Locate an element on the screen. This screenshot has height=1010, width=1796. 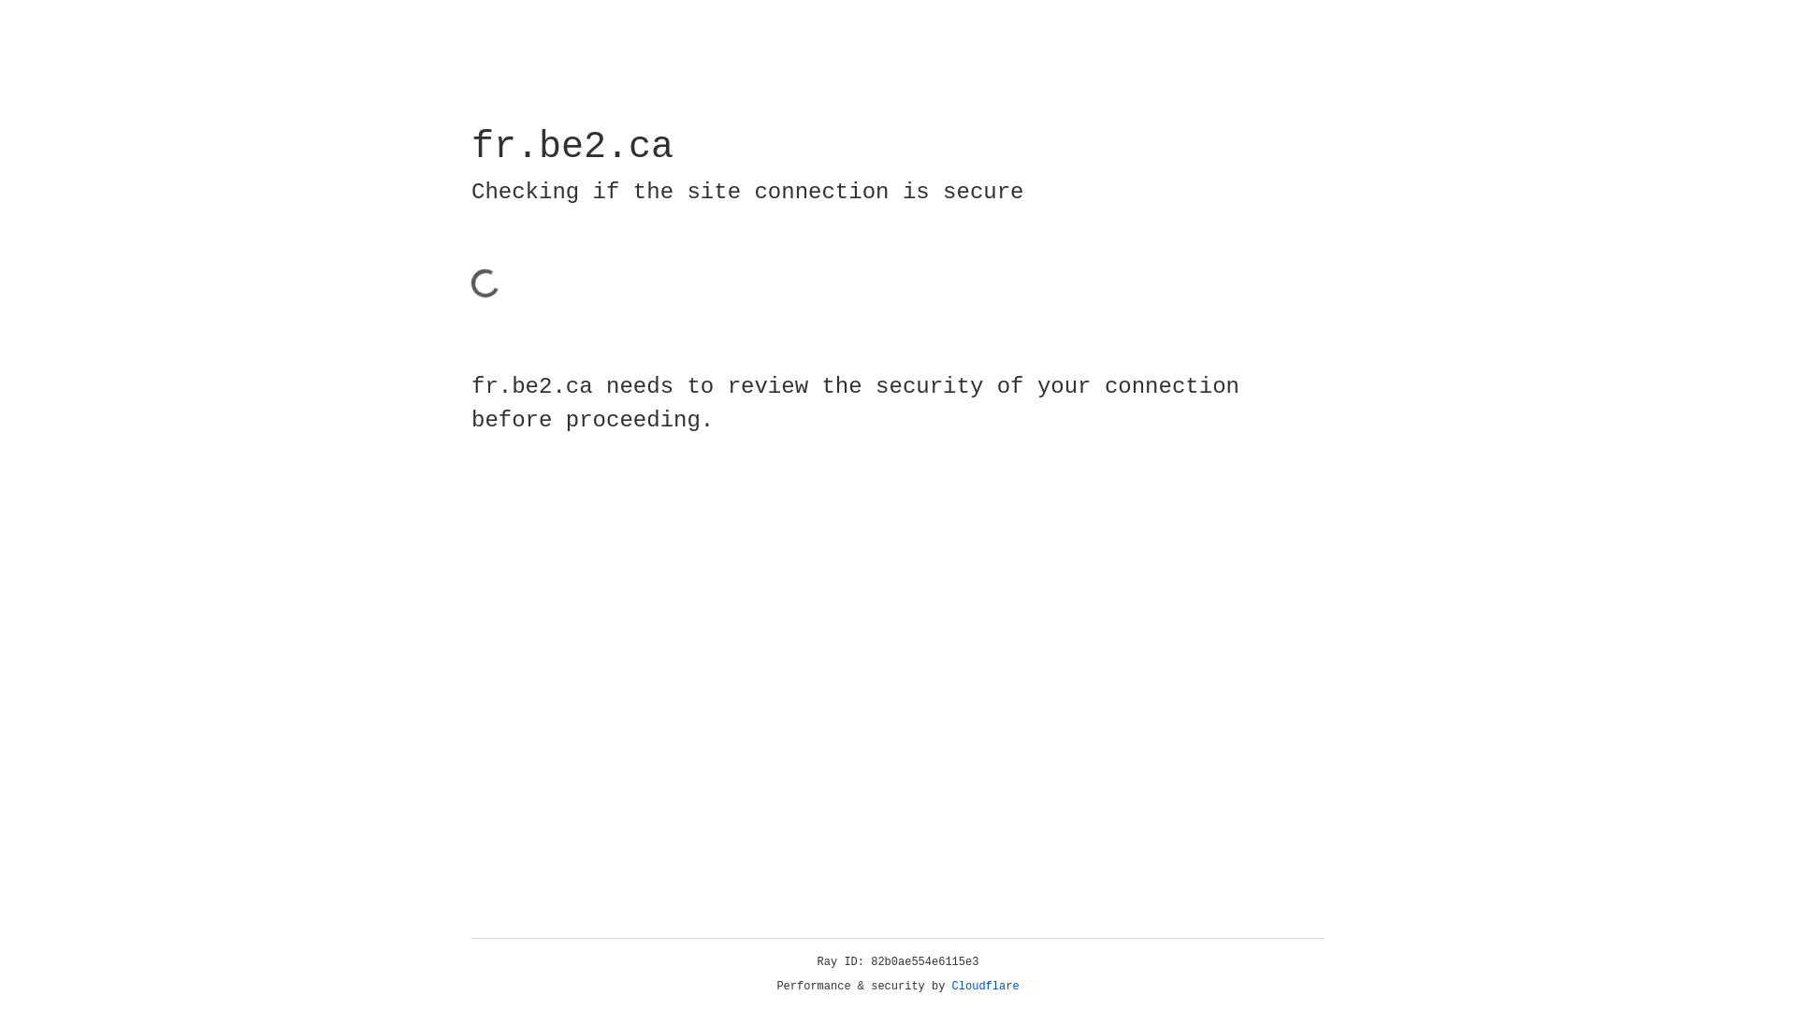
'Cloudflare' is located at coordinates (985, 986).